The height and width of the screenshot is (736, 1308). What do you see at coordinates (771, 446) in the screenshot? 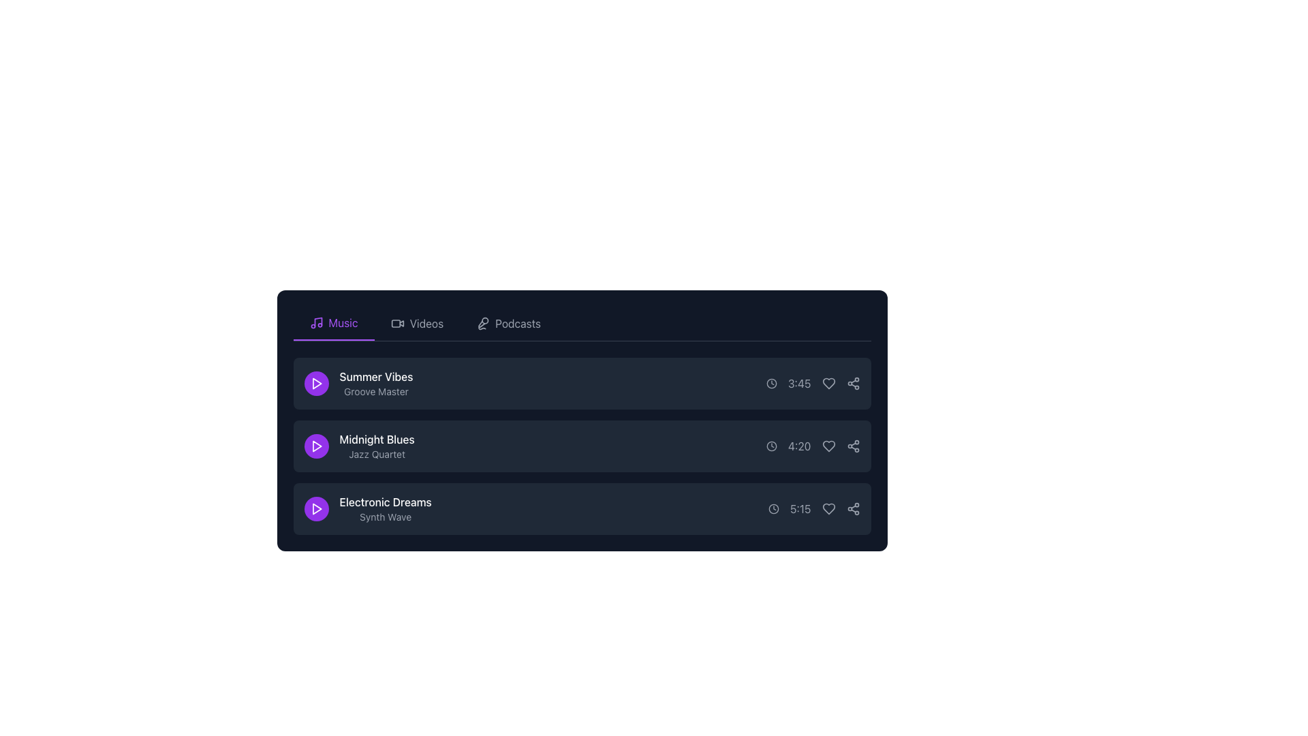
I see `the small, circular clock icon that is light gray and located immediately to the left of the text '4:20' in the second row of the list components` at bounding box center [771, 446].